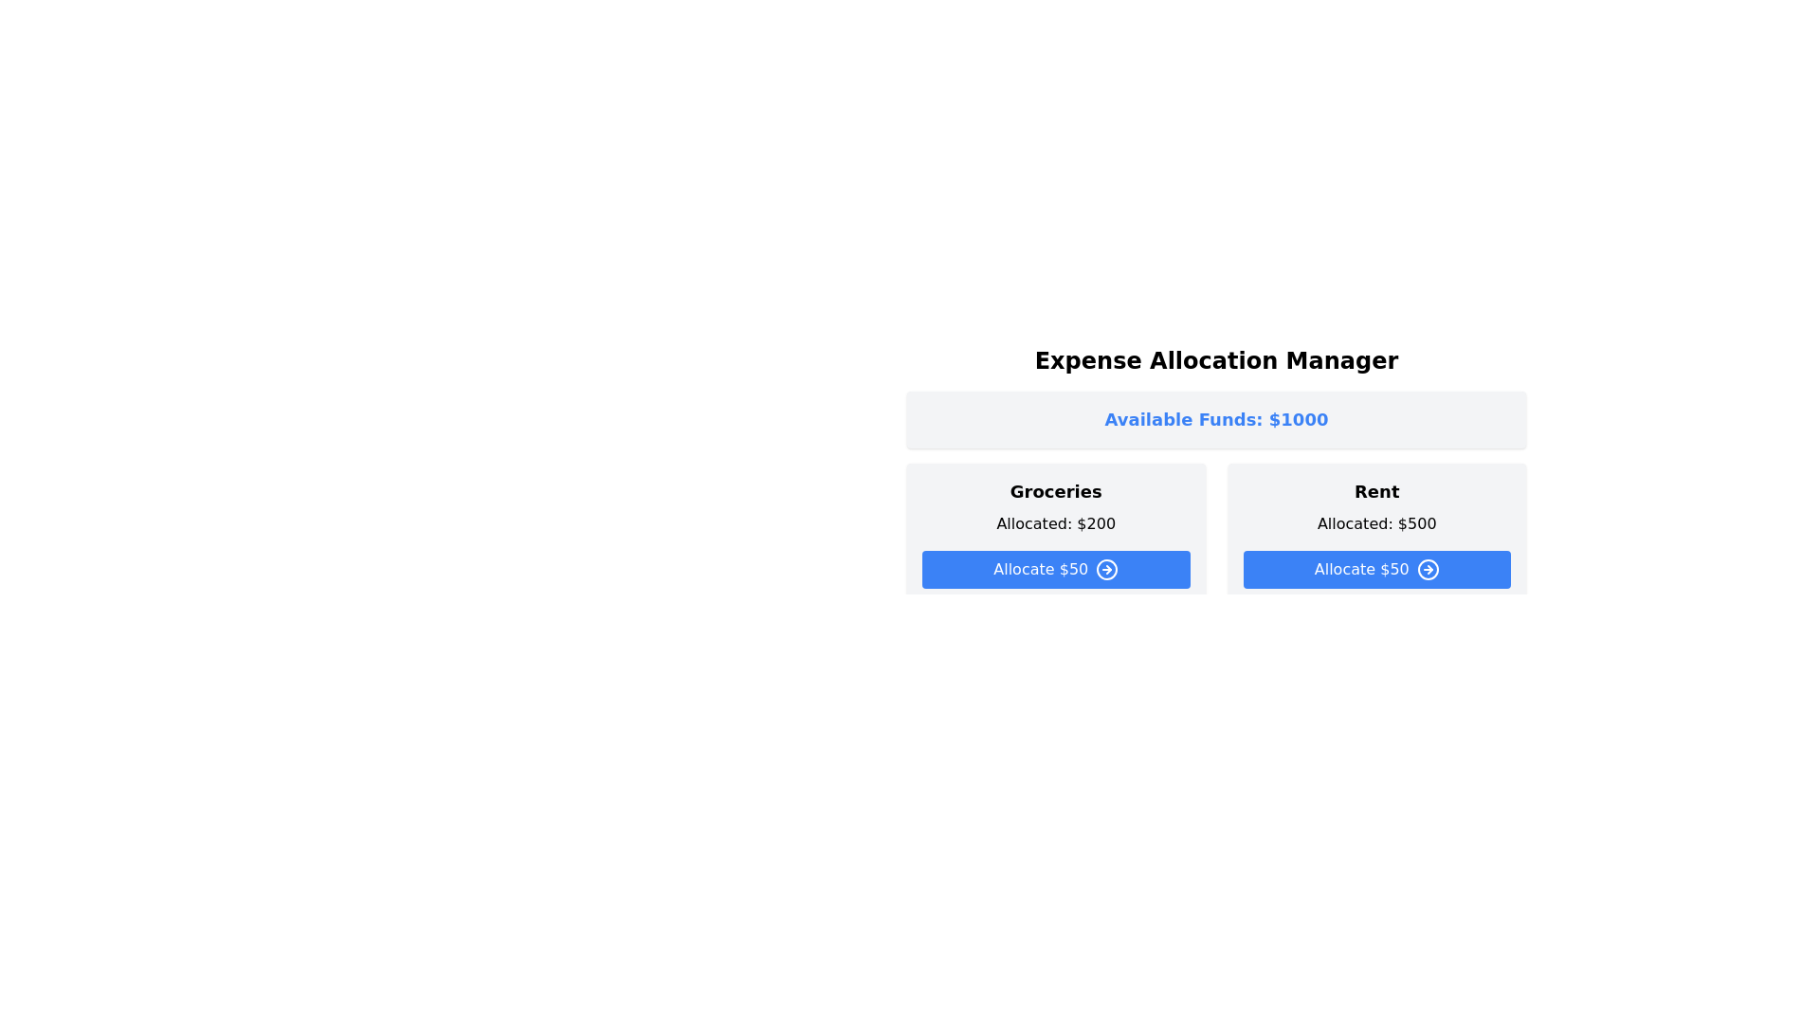 Image resolution: width=1820 pixels, height=1024 pixels. I want to click on the text label that informs the user about their currently available funds, located near the top-center of the interface under the title 'Expense Allocation Manager.', so click(1216, 419).